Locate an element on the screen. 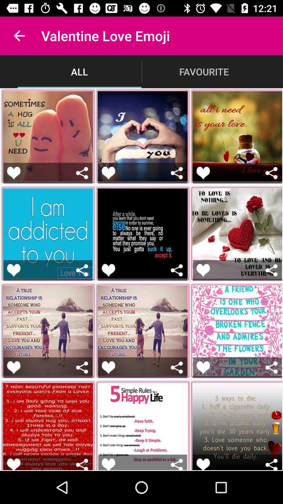  similar items is located at coordinates (271, 270).